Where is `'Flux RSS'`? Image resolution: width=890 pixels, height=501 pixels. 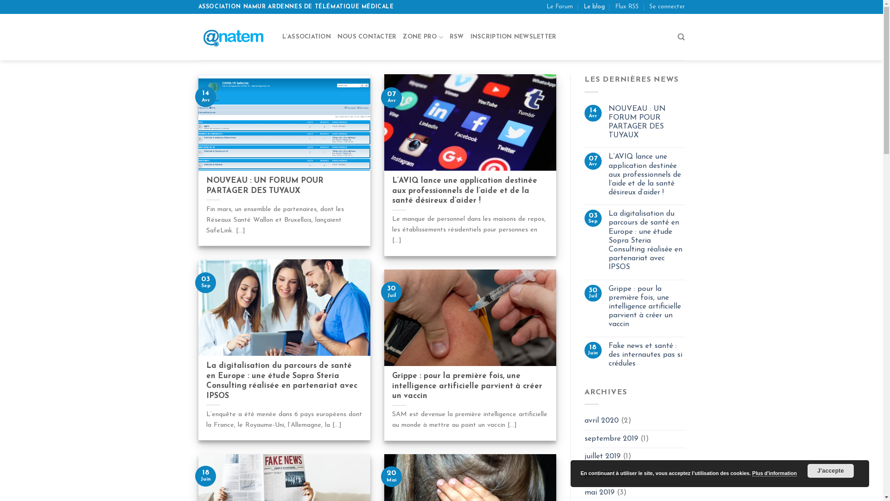
'Flux RSS' is located at coordinates (627, 7).